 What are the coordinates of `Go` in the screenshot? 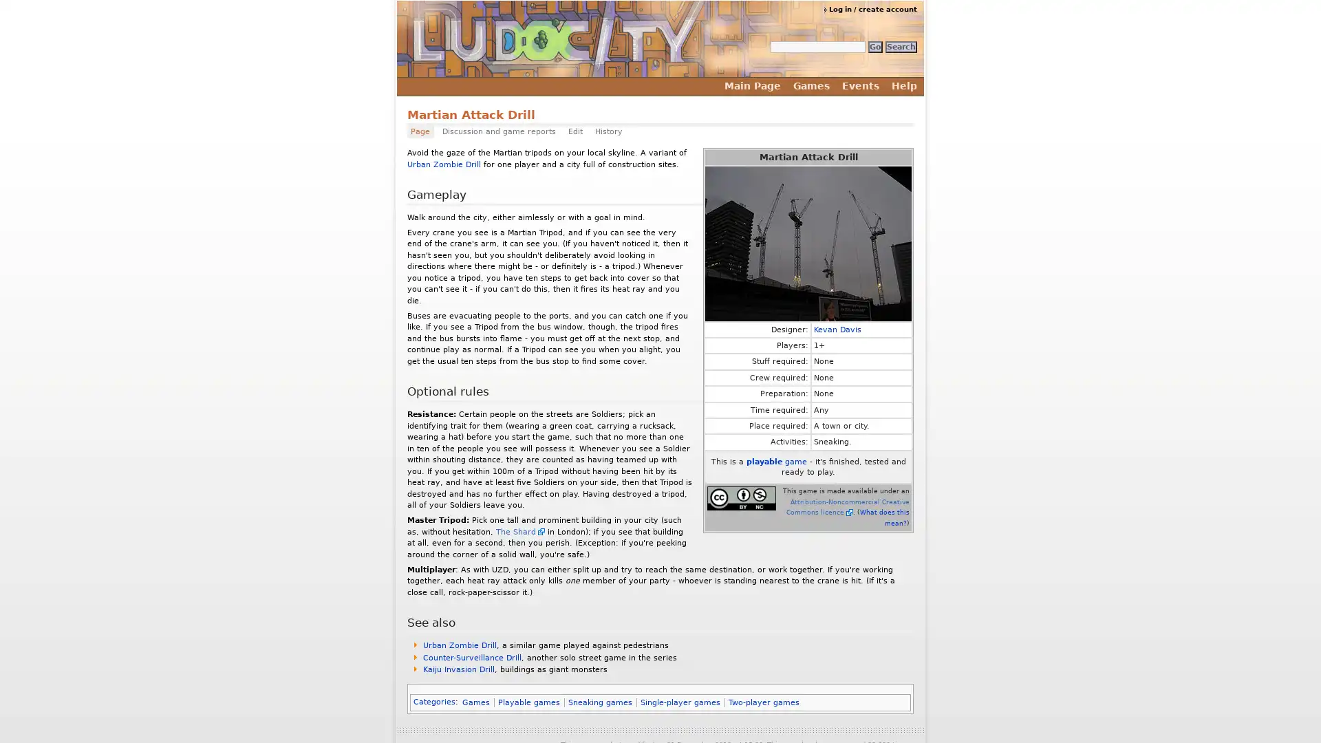 It's located at (874, 46).